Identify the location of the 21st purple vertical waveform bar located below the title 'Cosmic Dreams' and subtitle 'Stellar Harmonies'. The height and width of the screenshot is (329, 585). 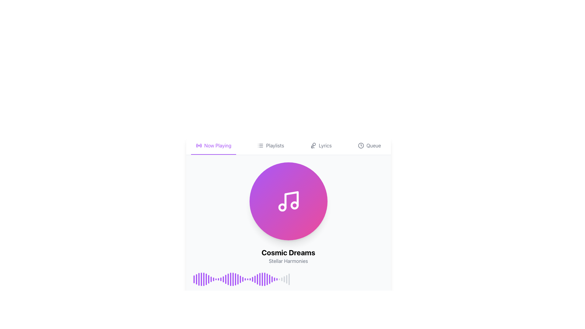
(242, 279).